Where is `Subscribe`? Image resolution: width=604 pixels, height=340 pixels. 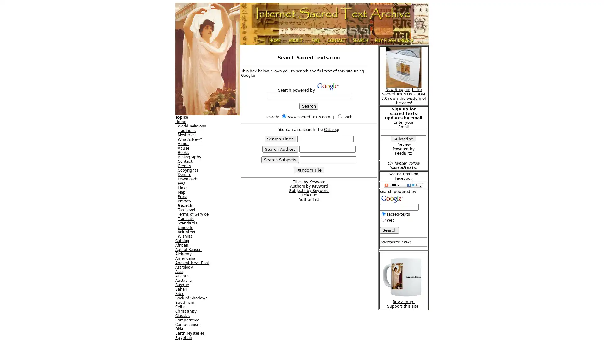 Subscribe is located at coordinates (403, 138).